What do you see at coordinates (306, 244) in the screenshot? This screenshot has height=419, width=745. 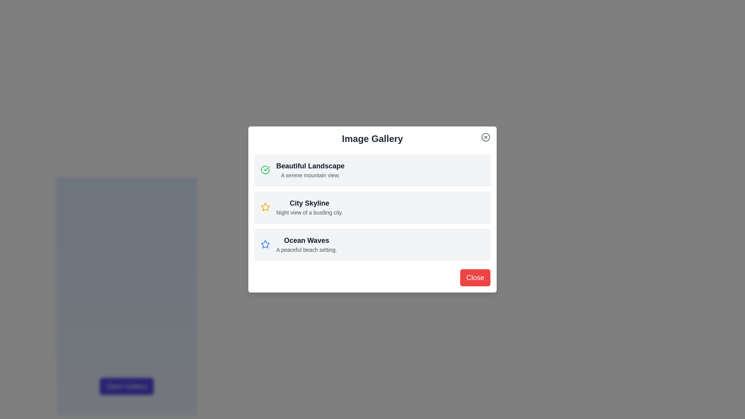 I see `text from the 'Ocean Waves' Text label element located in the third row of the 'Image Gallery' modal, which contains 'Ocean Waves' and 'A peaceful beach setting.'` at bounding box center [306, 244].